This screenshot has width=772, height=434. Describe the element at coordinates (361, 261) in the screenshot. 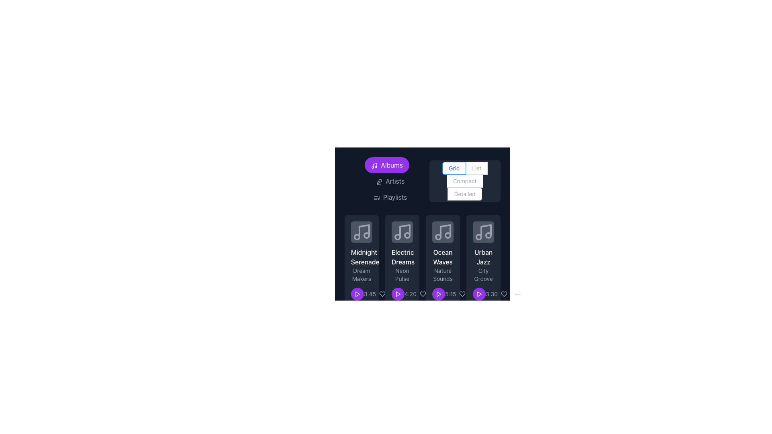

I see `the first music track card located at the top-left of the grid layout to read the song information` at that location.